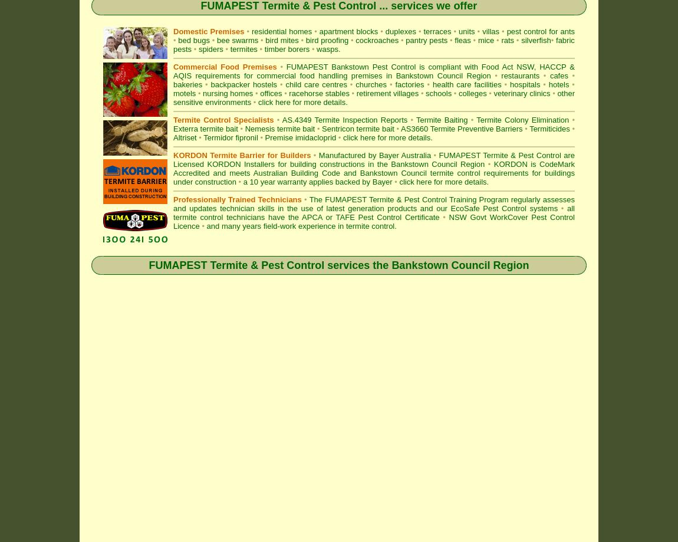 This screenshot has height=542, width=678. I want to click on 'bakeries', so click(187, 84).